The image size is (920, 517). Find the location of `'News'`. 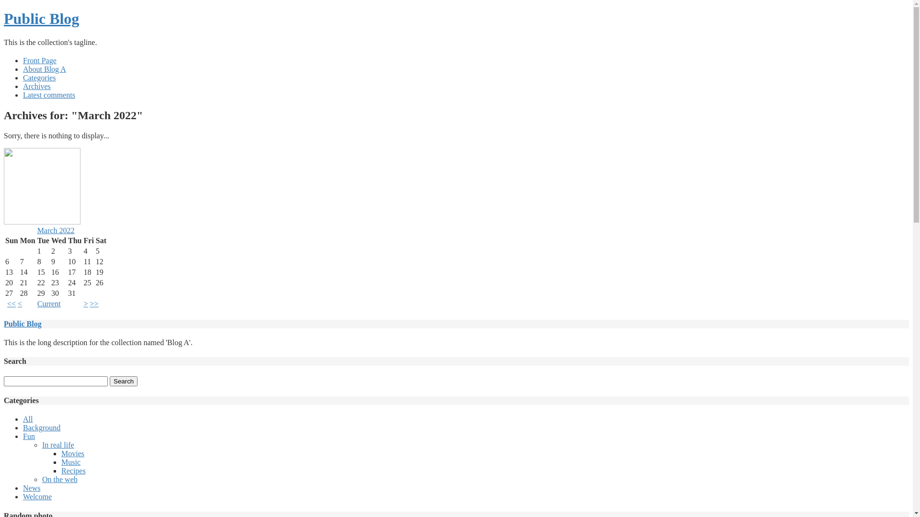

'News' is located at coordinates (32, 488).